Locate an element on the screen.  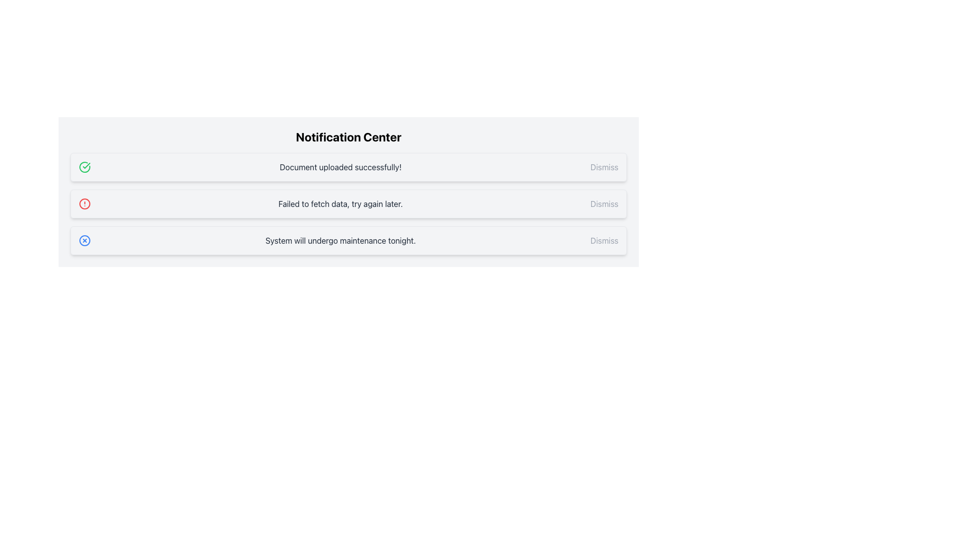
the notification box that indicates 'Document uploaded successfully!' with a dismiss button labeled 'Dismiss' is located at coordinates (348, 166).